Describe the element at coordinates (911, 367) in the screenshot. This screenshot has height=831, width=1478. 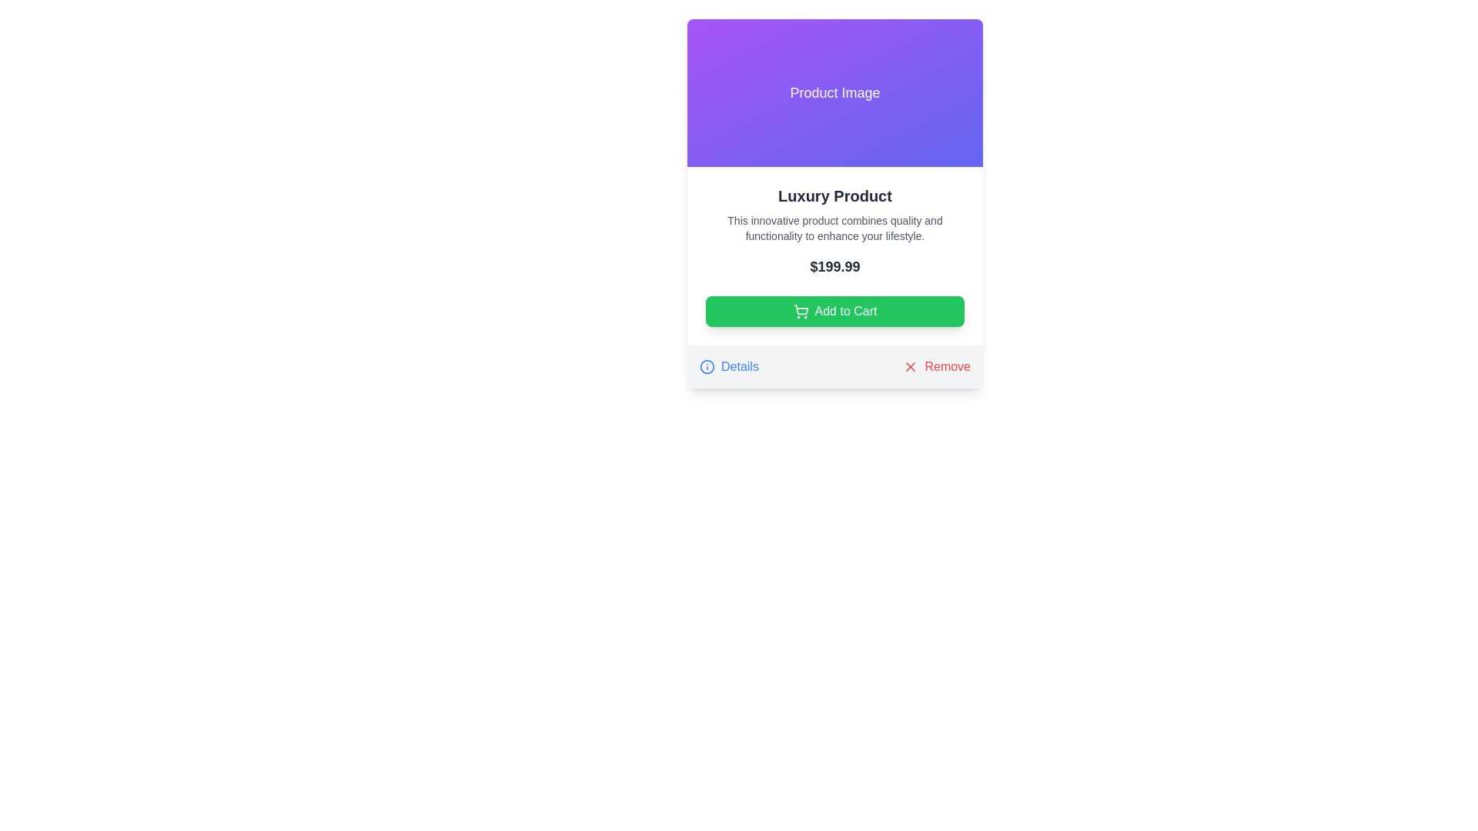
I see `the small red cross icon located to the left of the 'Remove' label at the bottom right of the card interface` at that location.